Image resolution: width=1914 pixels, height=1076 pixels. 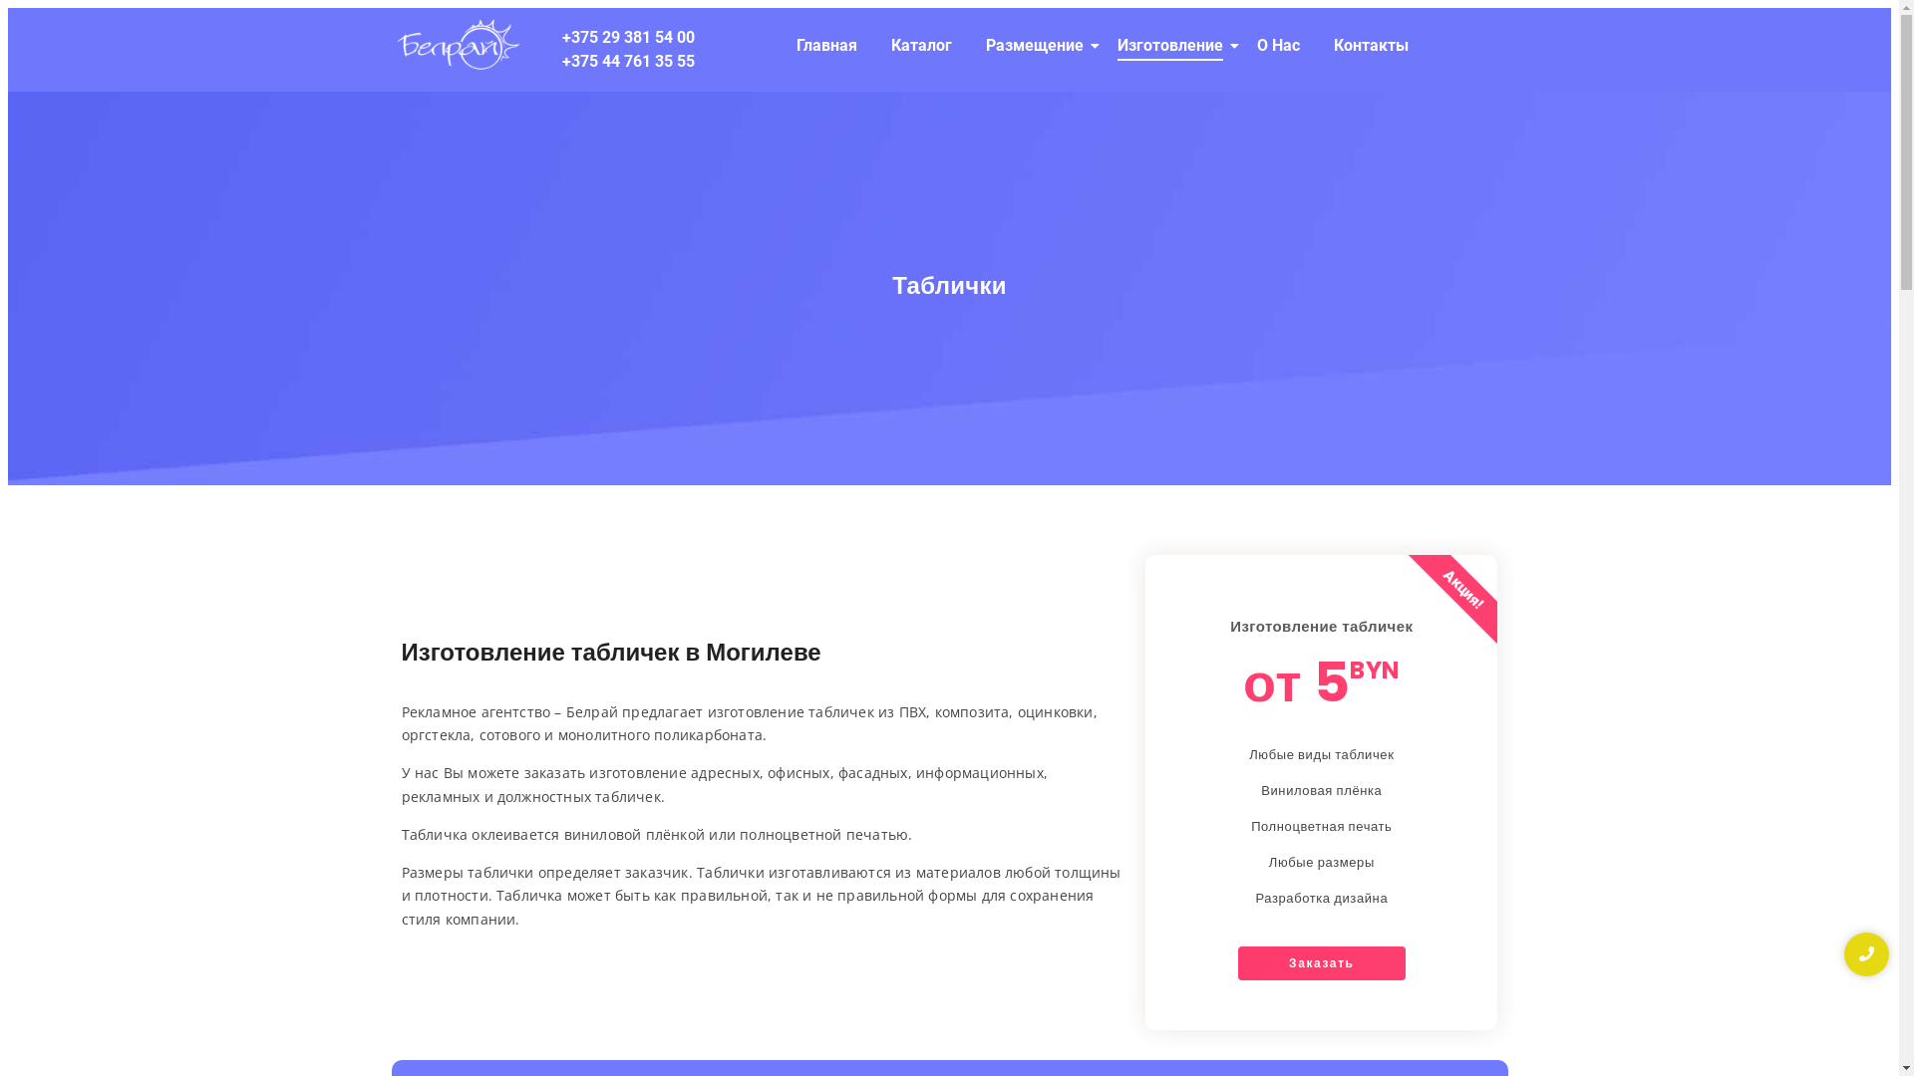 What do you see at coordinates (627, 60) in the screenshot?
I see `'+375 44 761 35 55'` at bounding box center [627, 60].